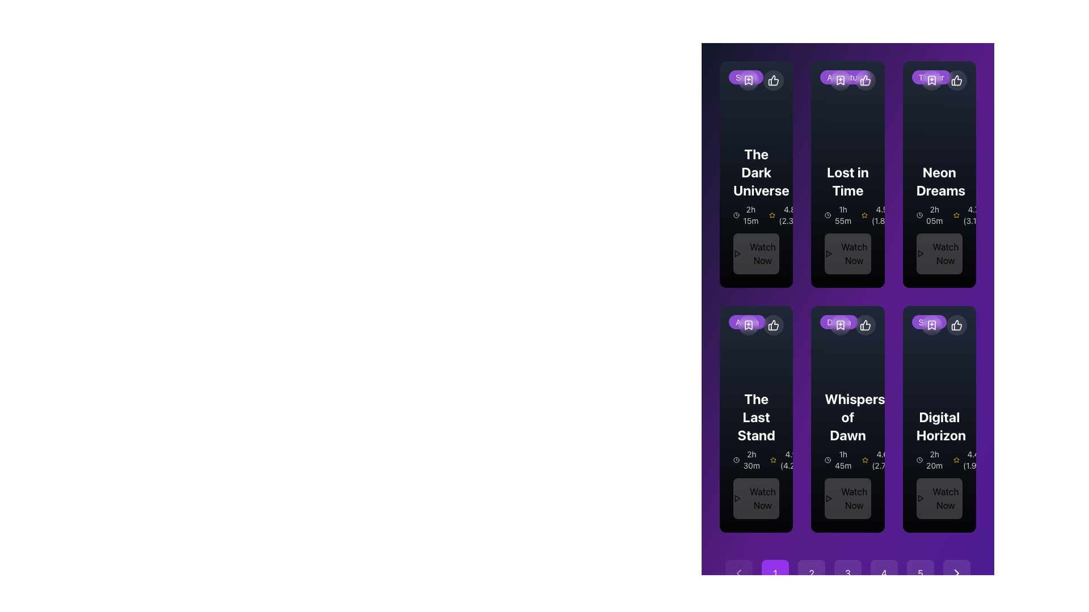 The width and height of the screenshot is (1089, 612). Describe the element at coordinates (931, 80) in the screenshot. I see `the button with an icon to bookmark the movie 'Neon Dreams', located at the top-right of the grid card as the second icon from the right` at that location.